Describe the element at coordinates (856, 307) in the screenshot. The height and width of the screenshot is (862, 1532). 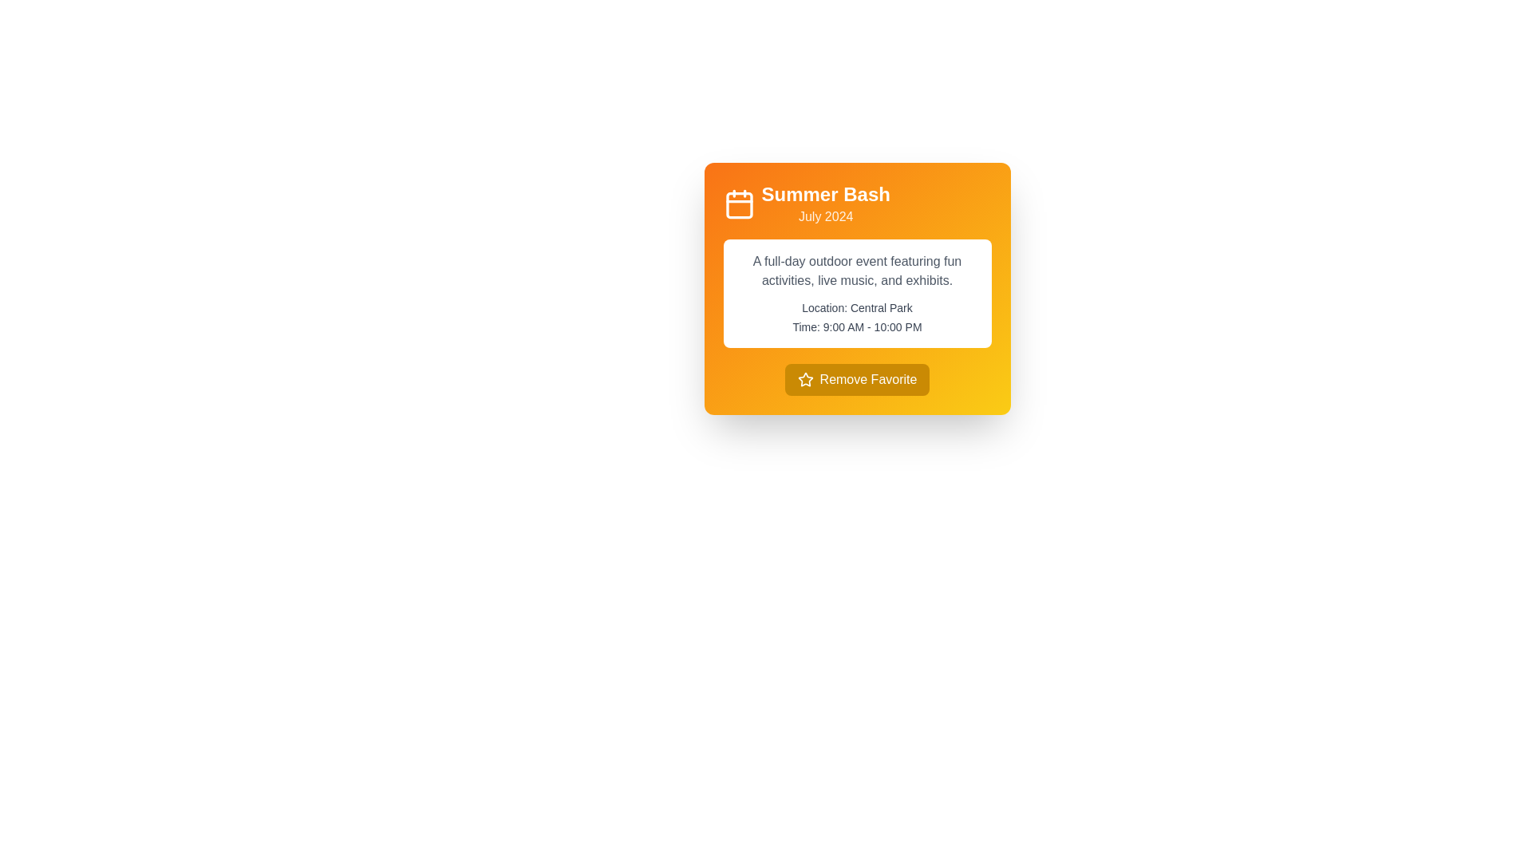
I see `information displayed in the text label that reads 'Location: Central Park', which is styled in a clean, sans-serif font and is located above the text 'Time: 9:00 AM - 10:00 PM'` at that location.